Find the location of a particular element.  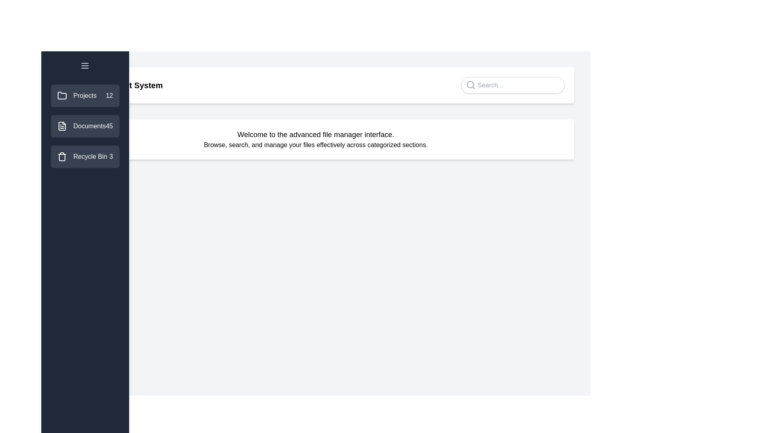

the category Documents in the sidebar is located at coordinates (85, 126).